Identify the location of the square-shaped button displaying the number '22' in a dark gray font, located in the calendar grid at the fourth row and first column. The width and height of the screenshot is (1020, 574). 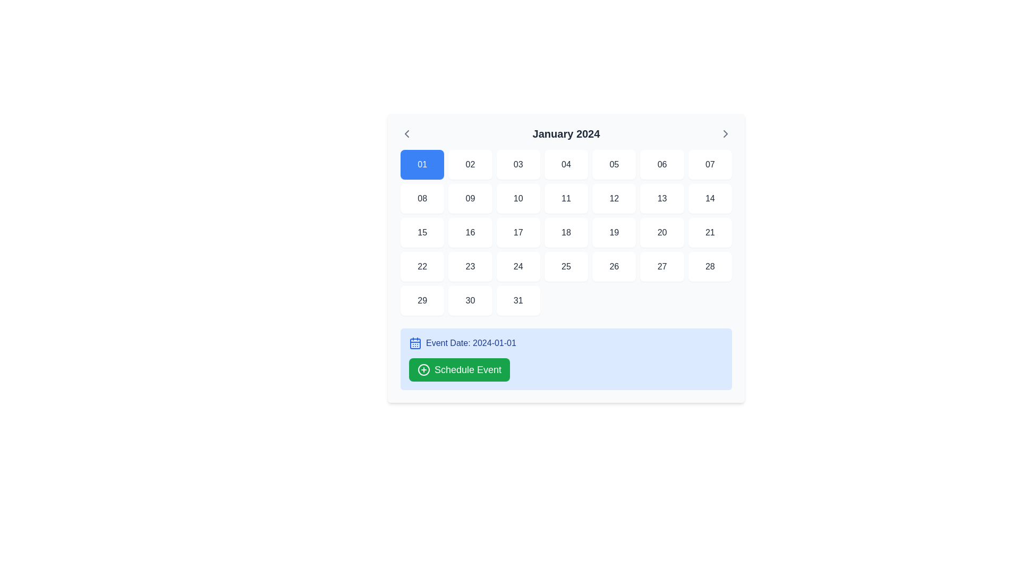
(422, 266).